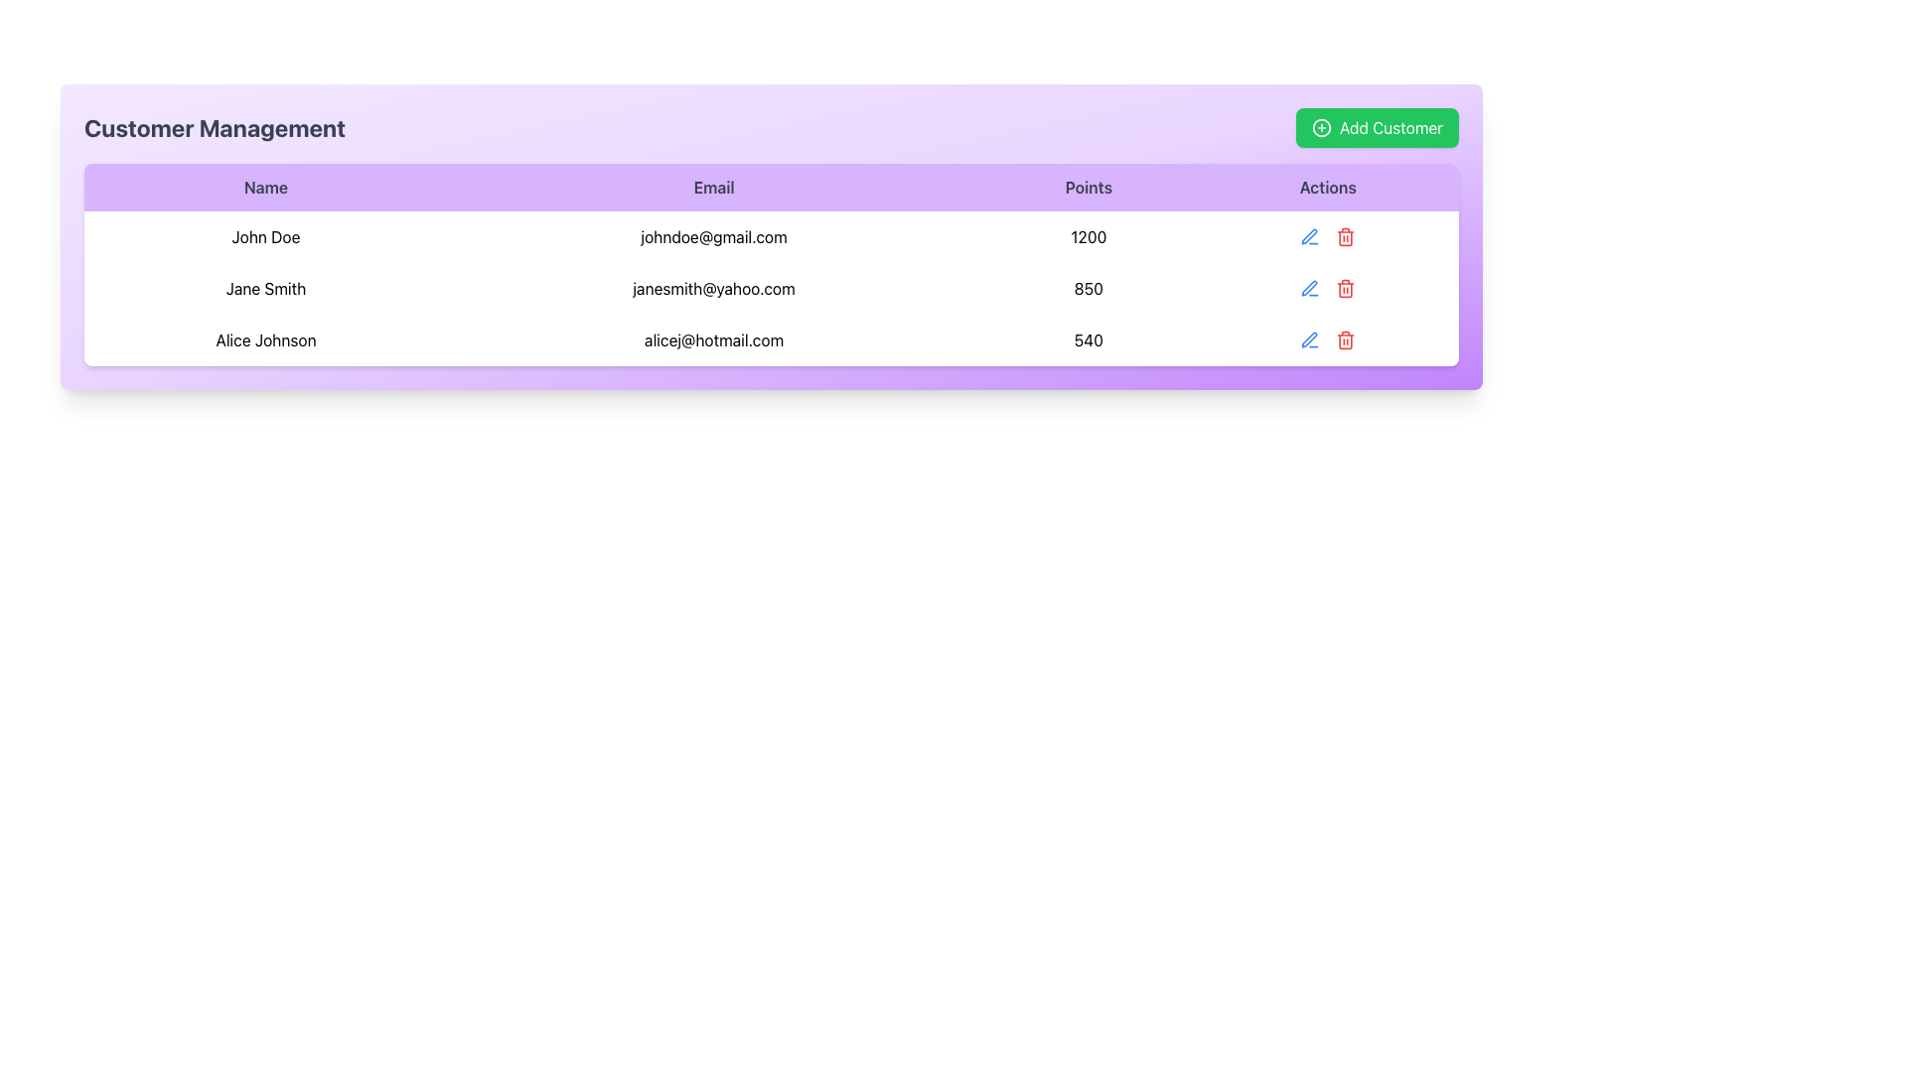  I want to click on the delete icon located in the 'Actions' column of the last row in the 'Customer Management' table, so click(1346, 339).